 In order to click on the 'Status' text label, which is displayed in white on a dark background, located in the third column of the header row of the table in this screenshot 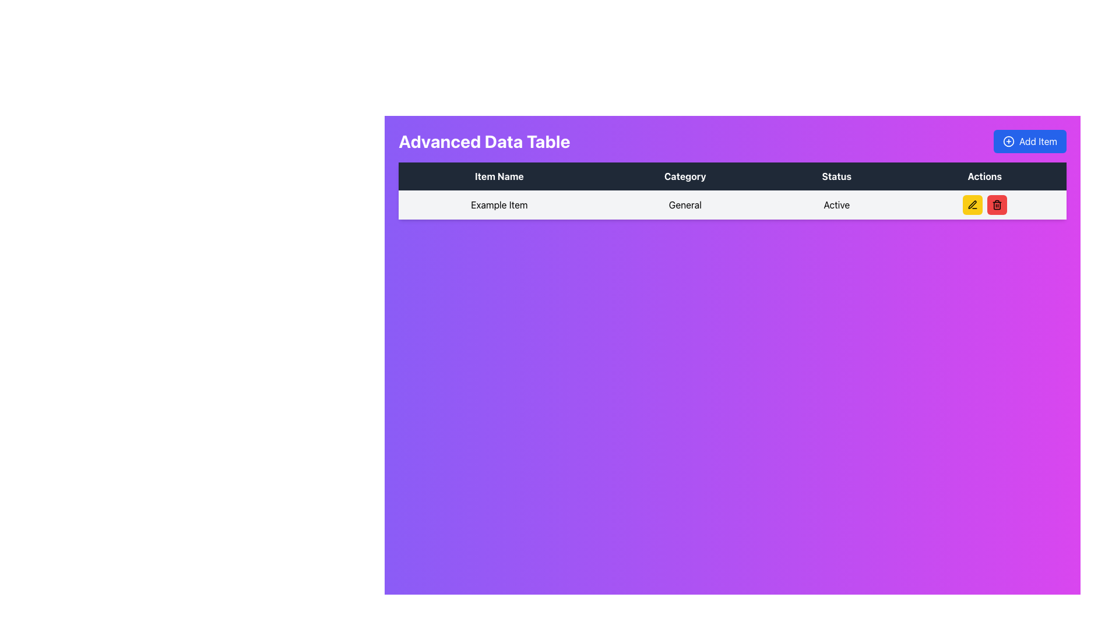, I will do `click(836, 176)`.